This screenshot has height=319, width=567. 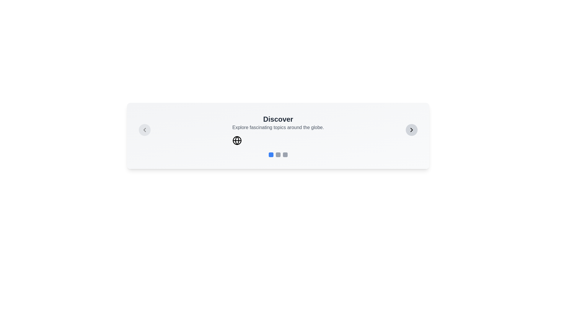 I want to click on the pagination indicator consisting of three circular dots, where the first dot is blue and the other two are gray, so click(x=278, y=154).